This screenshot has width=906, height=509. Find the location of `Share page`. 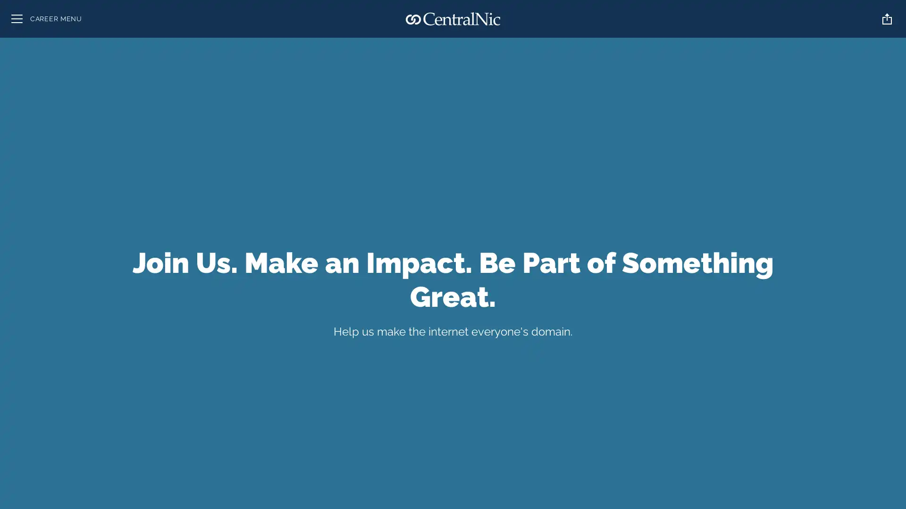

Share page is located at coordinates (887, 18).